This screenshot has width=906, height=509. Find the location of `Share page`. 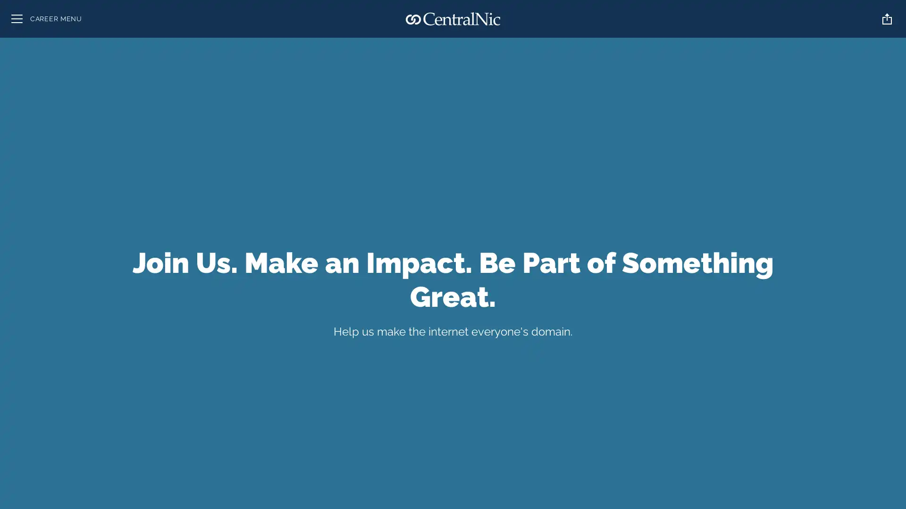

Share page is located at coordinates (887, 18).